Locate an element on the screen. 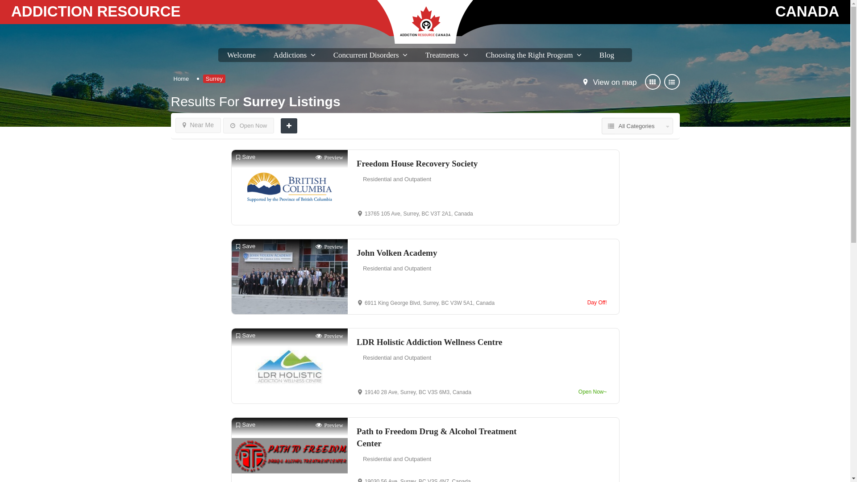  'LDR Holistic Addiction Wellness Centre' is located at coordinates (443, 341).